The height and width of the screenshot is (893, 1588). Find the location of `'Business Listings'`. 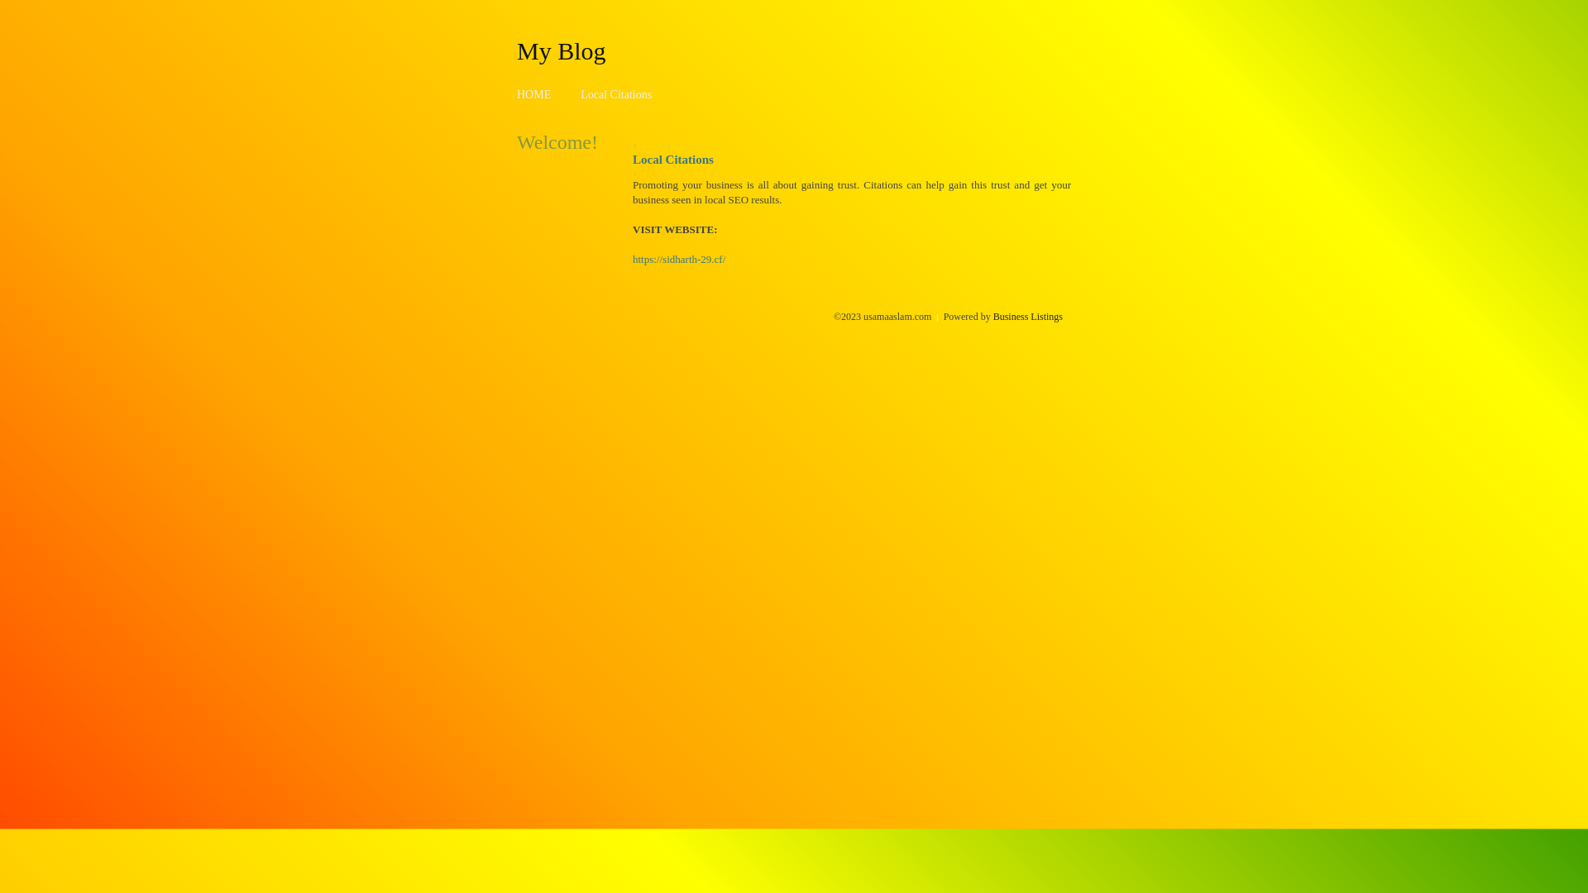

'Business Listings' is located at coordinates (1027, 316).